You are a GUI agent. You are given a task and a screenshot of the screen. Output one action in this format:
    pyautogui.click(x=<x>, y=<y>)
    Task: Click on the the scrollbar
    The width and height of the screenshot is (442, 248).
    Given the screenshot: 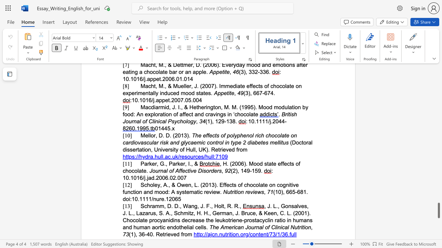 What is the action you would take?
    pyautogui.click(x=438, y=147)
    